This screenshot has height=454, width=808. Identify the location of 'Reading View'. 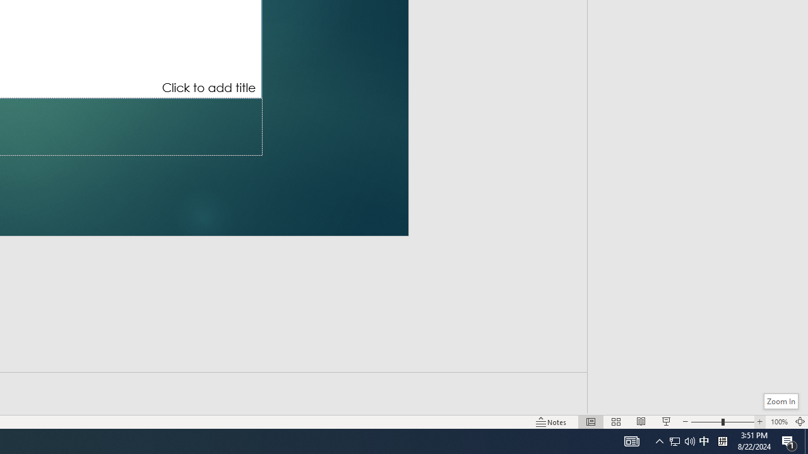
(641, 422).